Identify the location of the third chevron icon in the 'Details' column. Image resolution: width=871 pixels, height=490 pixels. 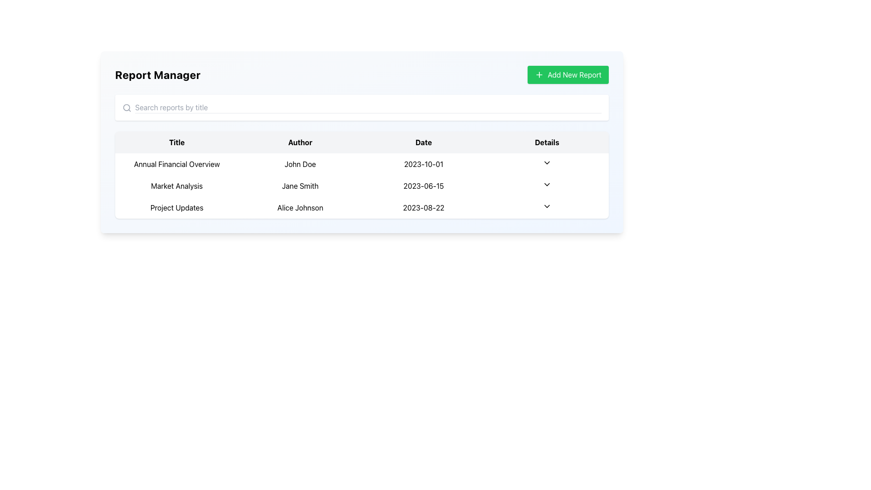
(546, 206).